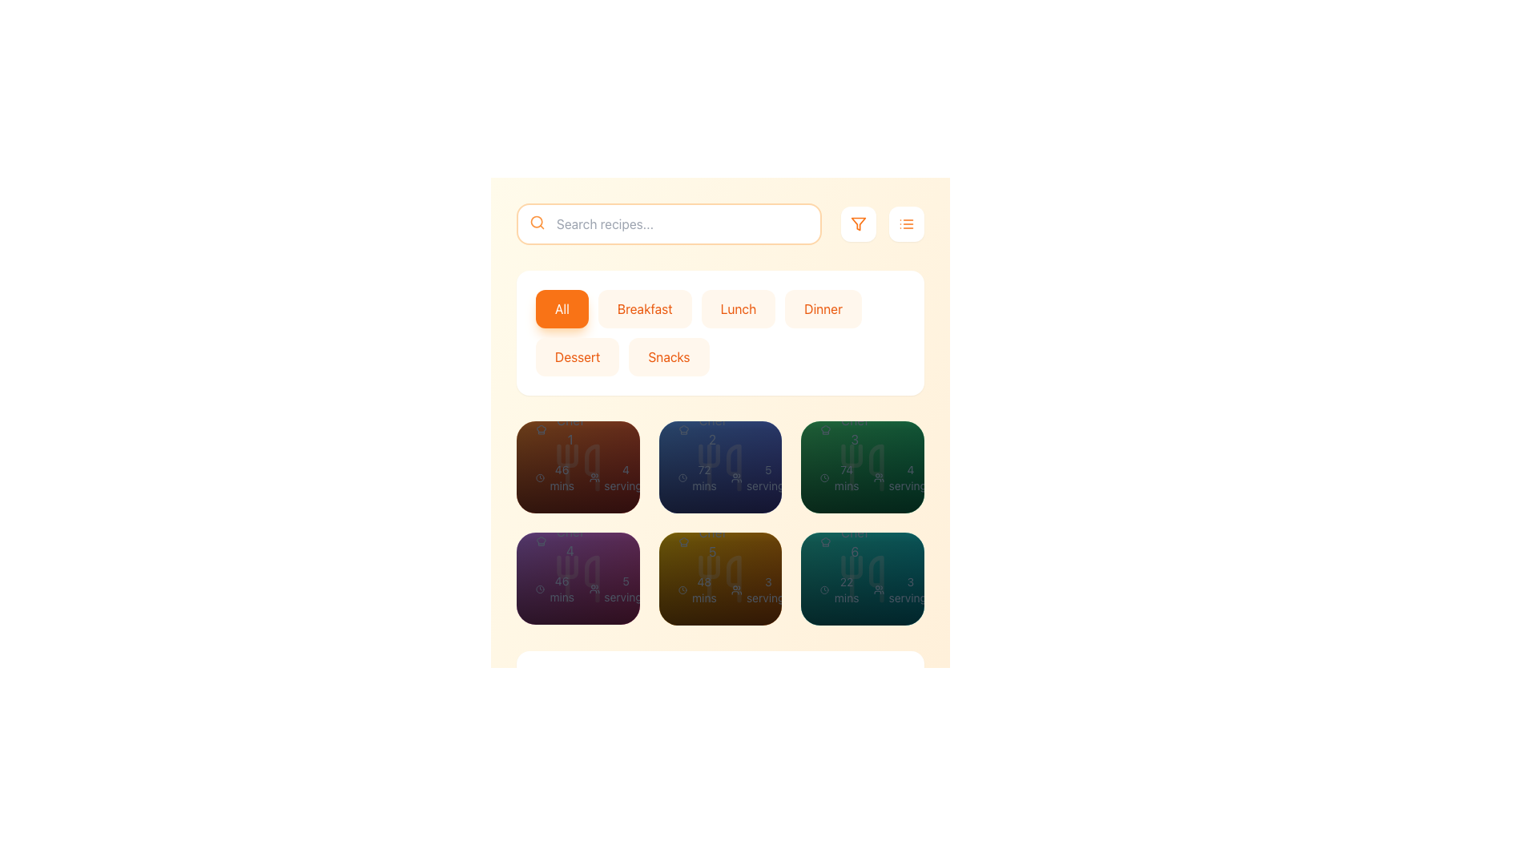 Image resolution: width=1538 pixels, height=865 pixels. Describe the element at coordinates (747, 486) in the screenshot. I see `the Rating display with a numerical rating of '4.0' and a star icon` at that location.